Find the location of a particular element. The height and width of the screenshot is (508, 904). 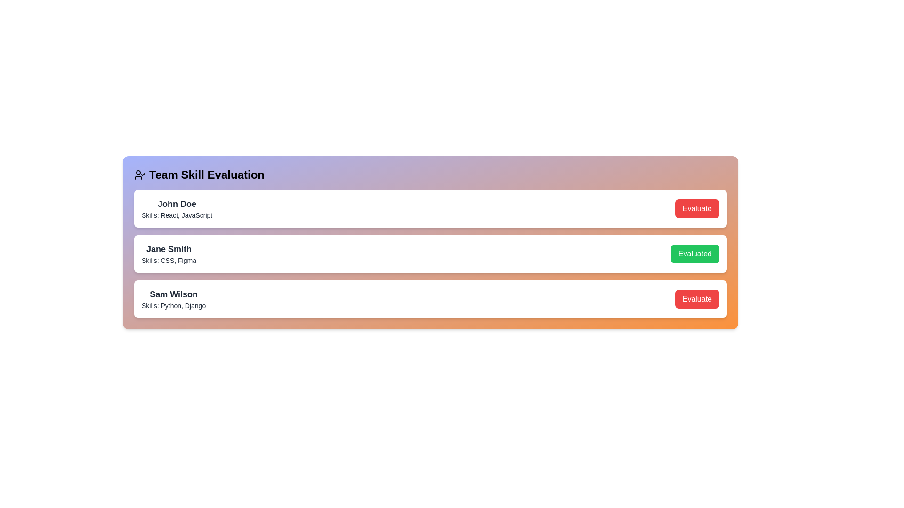

text content displayed in the Text label that identifies 'Sam Wilson', located above the 'Skills: Python, Django' text line in a card section at the bottom of a vertically stacked layout is located at coordinates (174, 294).